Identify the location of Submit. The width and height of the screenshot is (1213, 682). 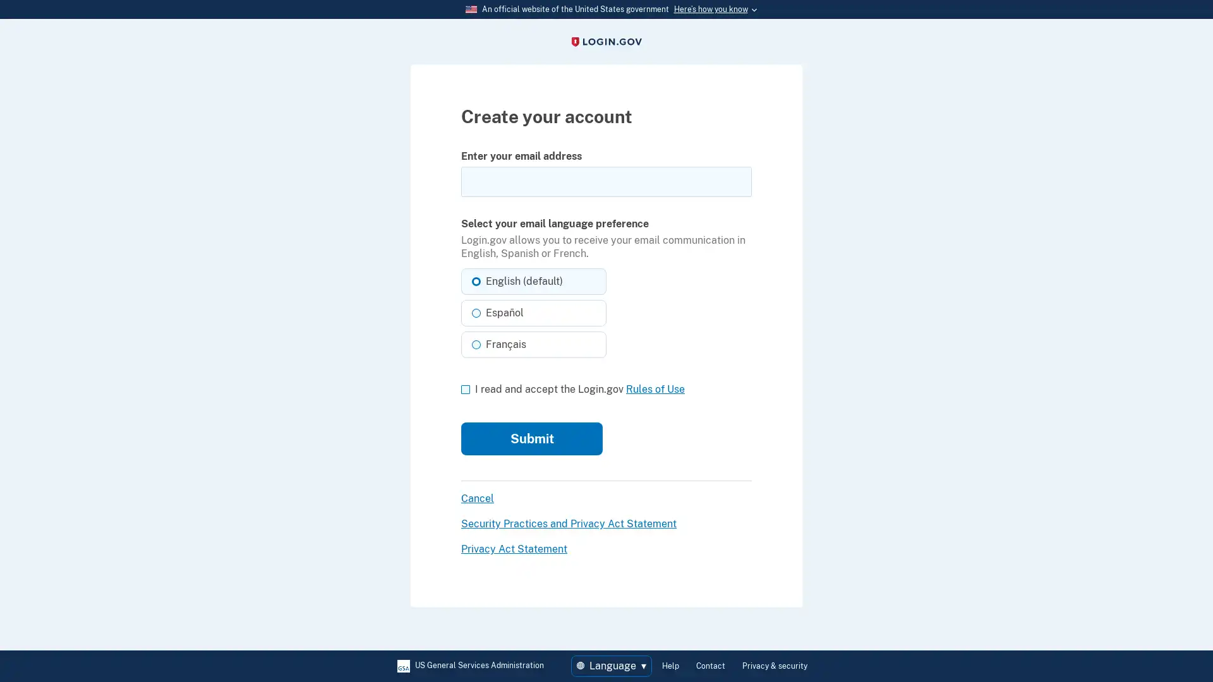
(531, 438).